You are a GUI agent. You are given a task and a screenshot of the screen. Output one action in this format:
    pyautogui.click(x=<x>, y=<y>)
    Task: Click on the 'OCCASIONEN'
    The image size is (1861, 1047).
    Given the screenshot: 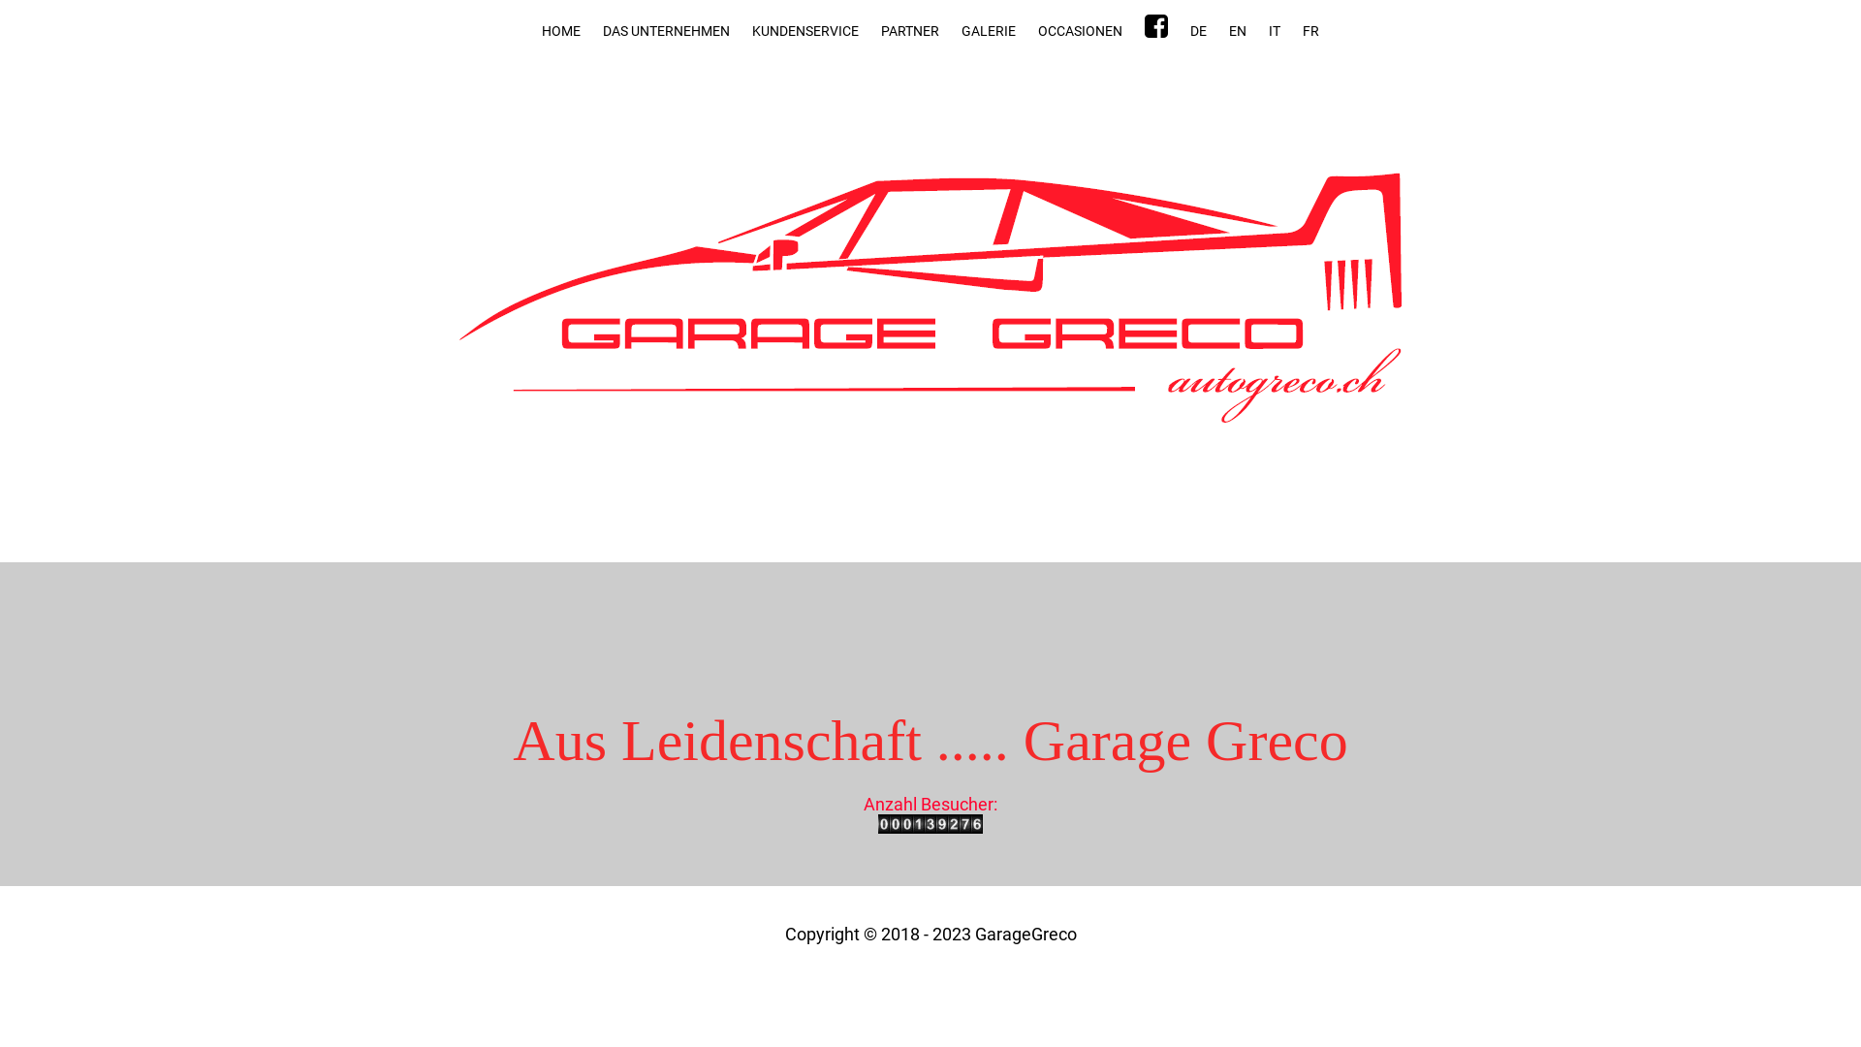 What is the action you would take?
    pyautogui.click(x=1079, y=30)
    